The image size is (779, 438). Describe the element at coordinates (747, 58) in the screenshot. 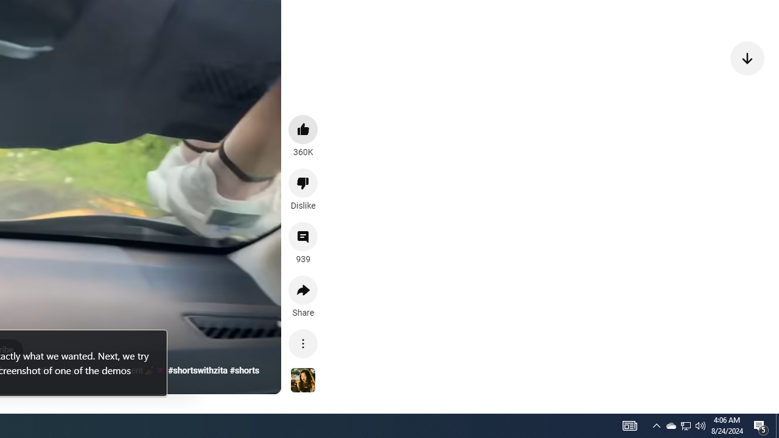

I see `'Next video'` at that location.